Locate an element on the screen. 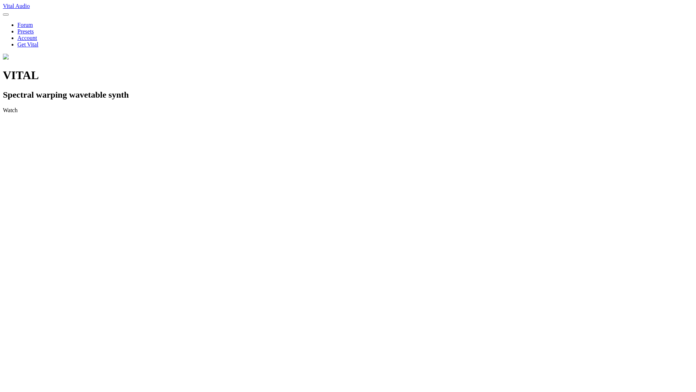 This screenshot has height=392, width=696. 'Vital Audio' is located at coordinates (348, 9).